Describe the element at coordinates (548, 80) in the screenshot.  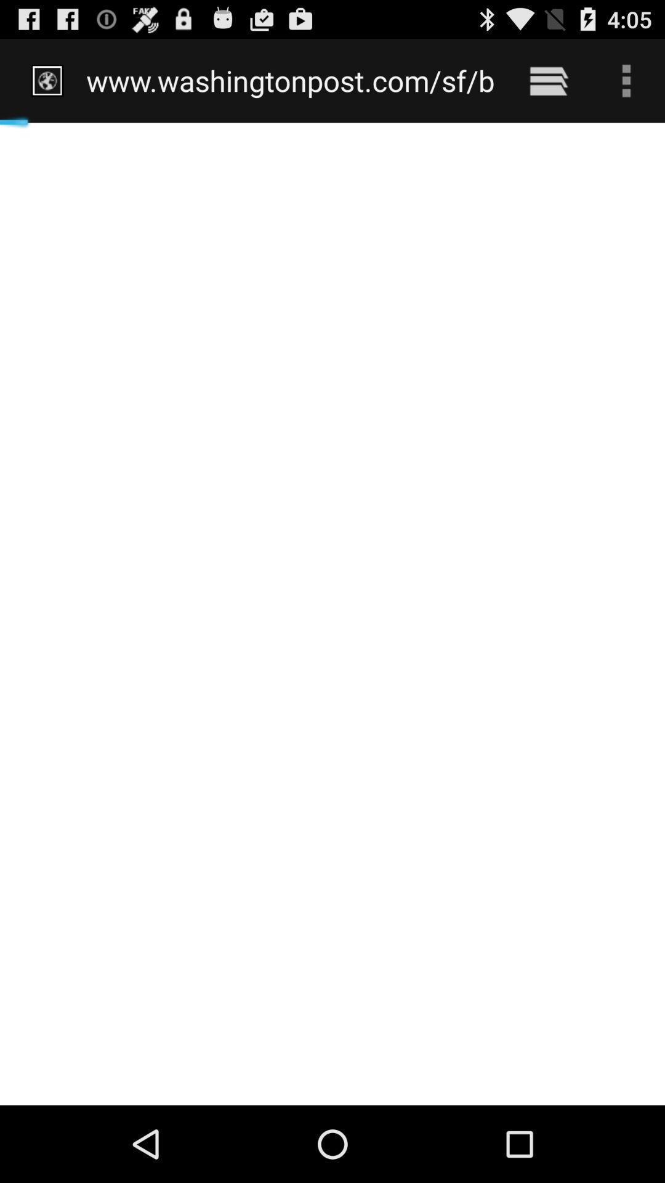
I see `the icon to the right of www washingtonpost com` at that location.